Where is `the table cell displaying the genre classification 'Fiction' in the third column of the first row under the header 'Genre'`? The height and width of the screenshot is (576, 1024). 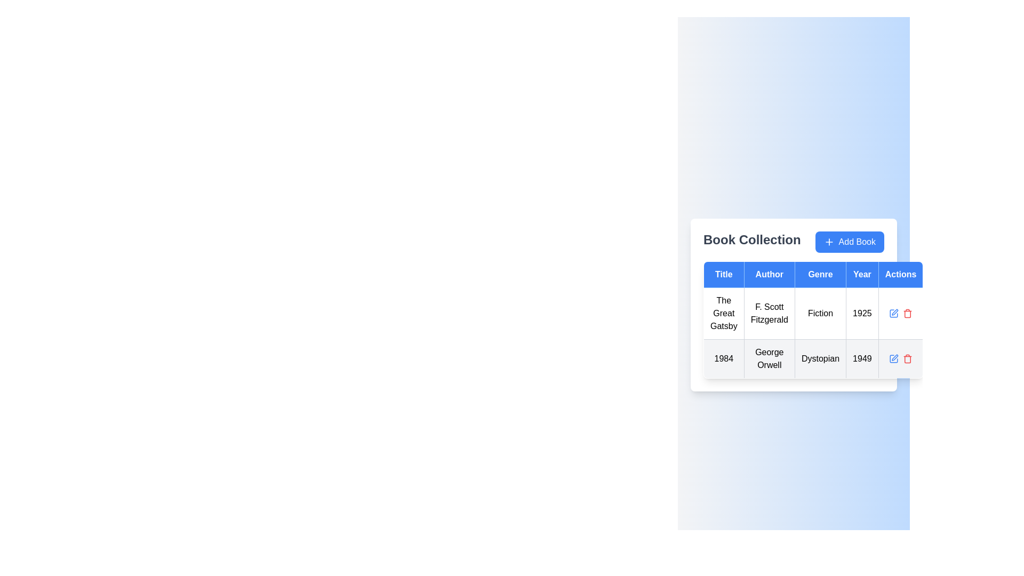
the table cell displaying the genre classification 'Fiction' in the third column of the first row under the header 'Genre' is located at coordinates (820, 313).